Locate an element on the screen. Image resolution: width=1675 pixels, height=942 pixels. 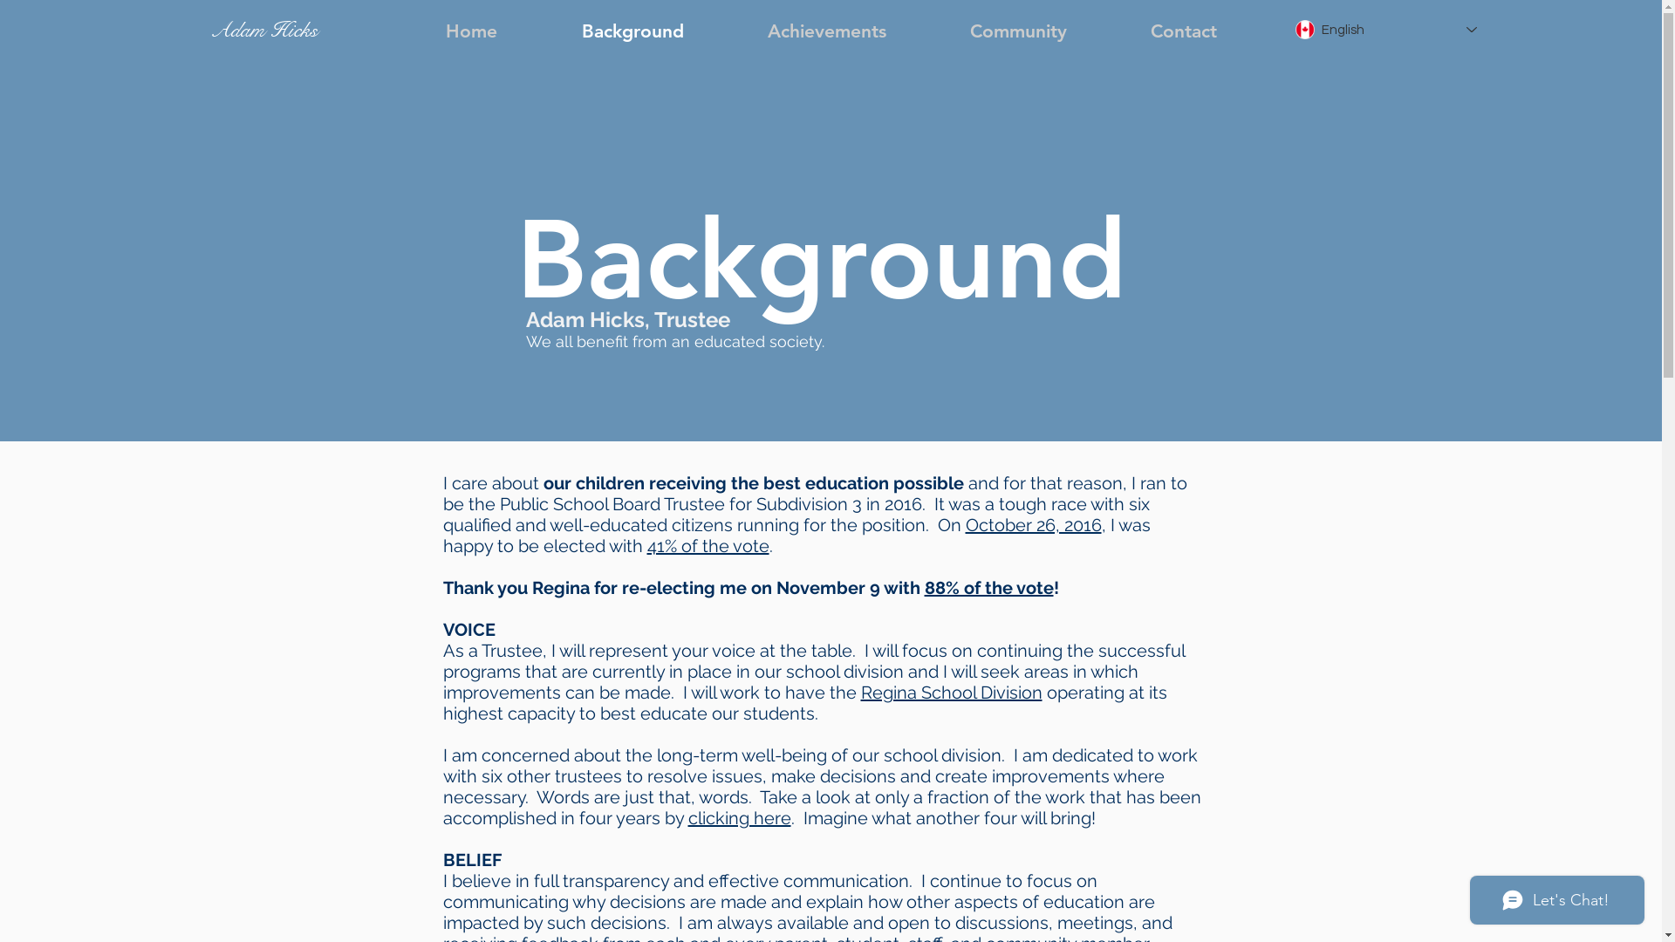
'Achievements' is located at coordinates (826, 31).